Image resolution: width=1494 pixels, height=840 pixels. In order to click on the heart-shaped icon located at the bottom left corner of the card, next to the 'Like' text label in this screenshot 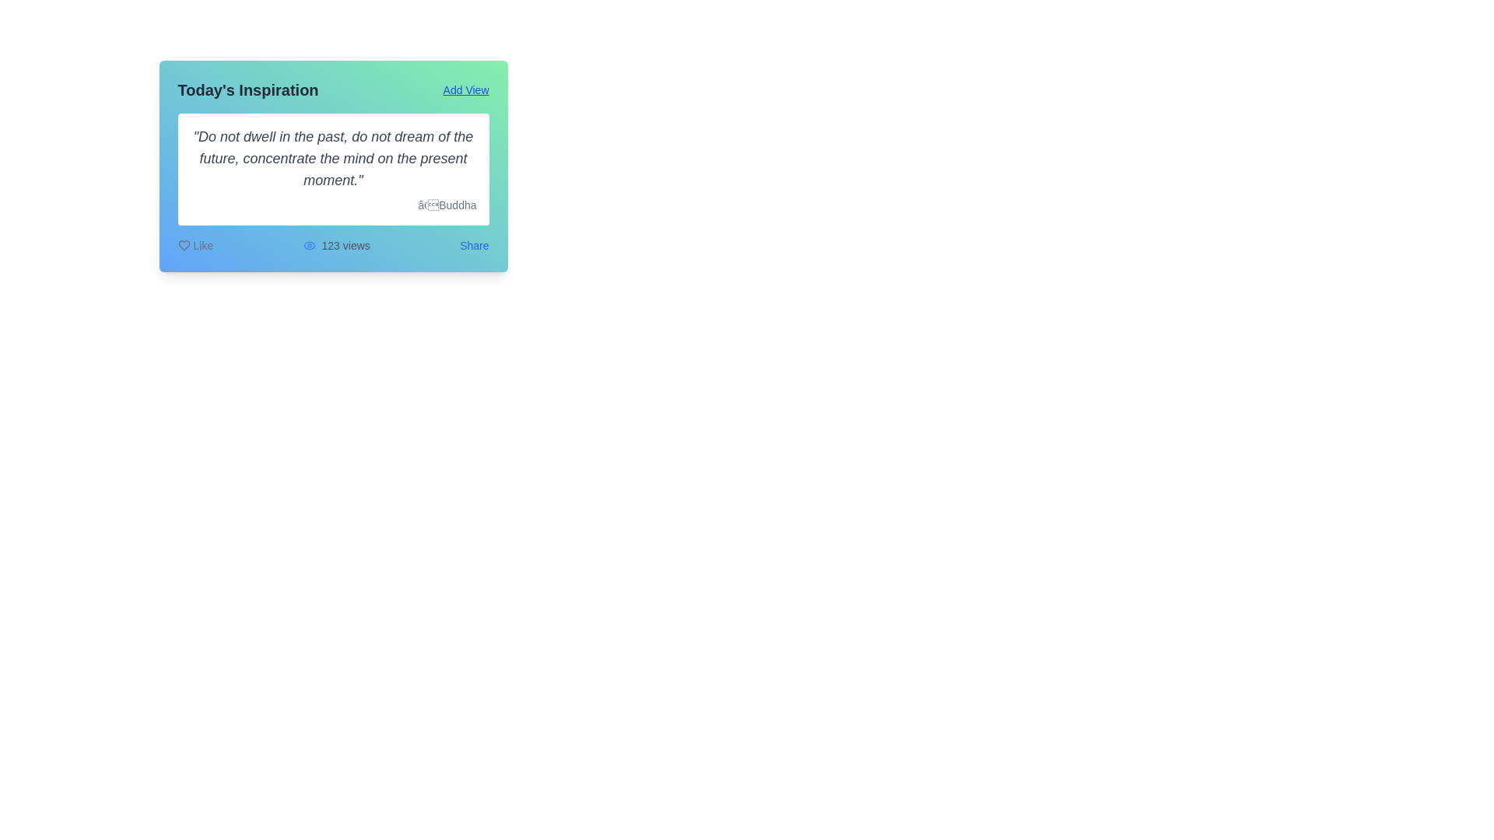, I will do `click(184, 245)`.